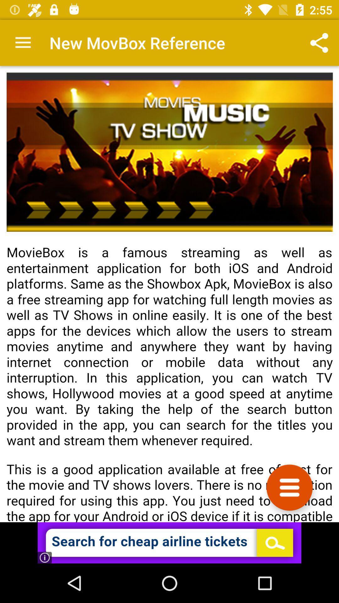 The image size is (339, 603). Describe the element at coordinates (169, 542) in the screenshot. I see `search option` at that location.